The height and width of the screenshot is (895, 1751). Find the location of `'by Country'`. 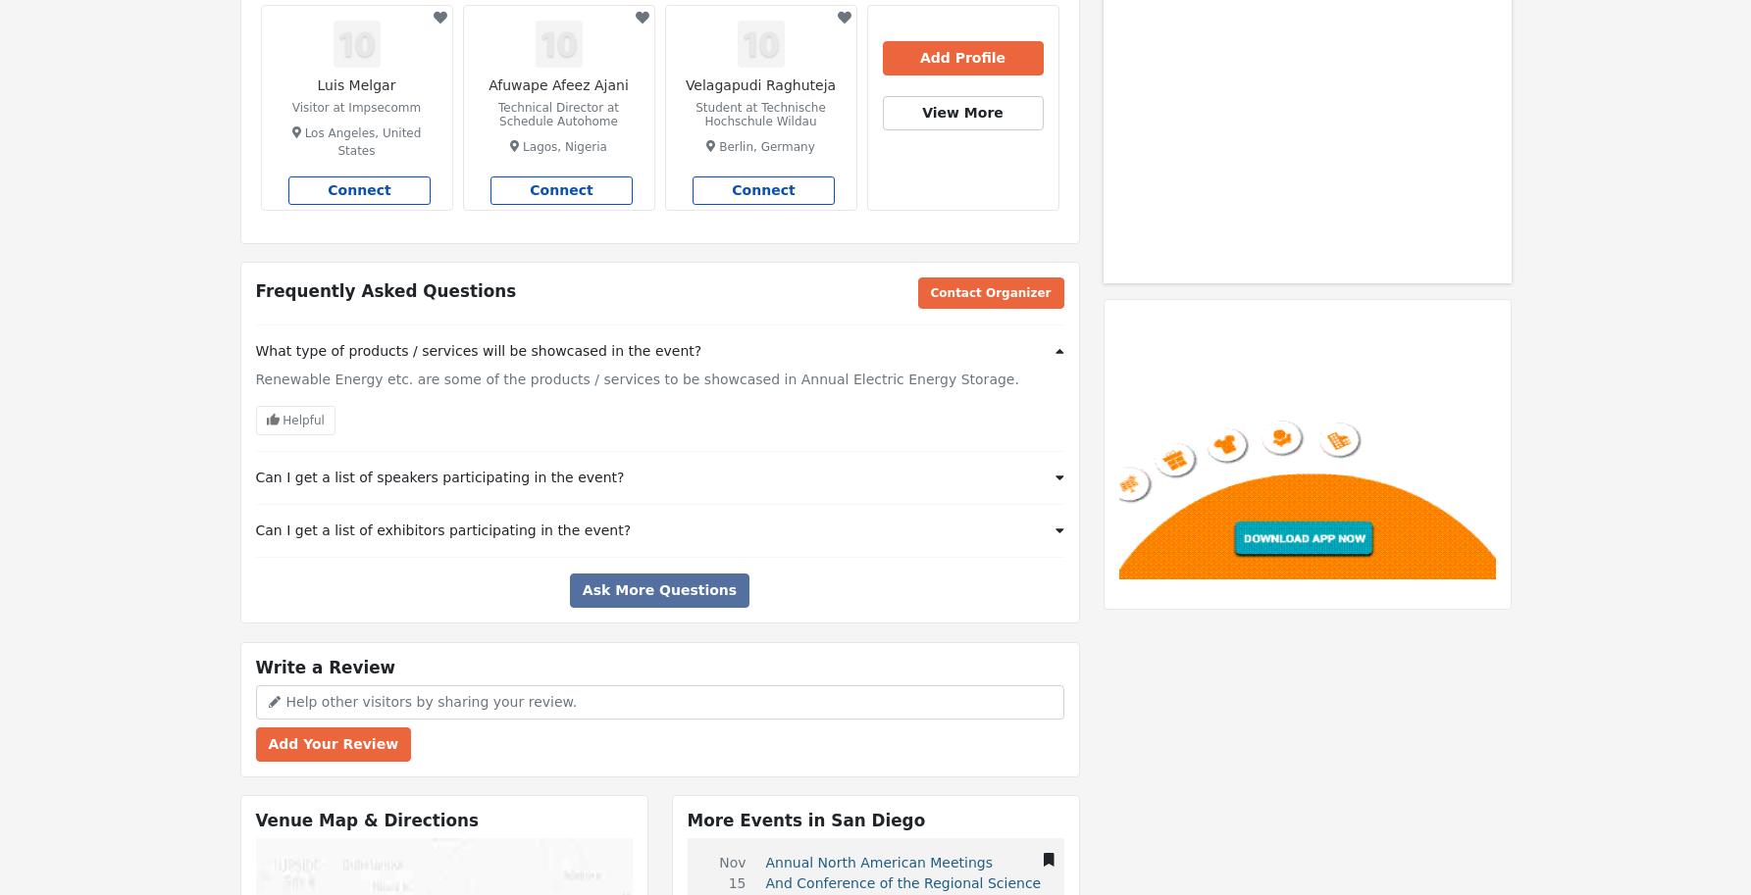

'by Country' is located at coordinates (1350, 18).